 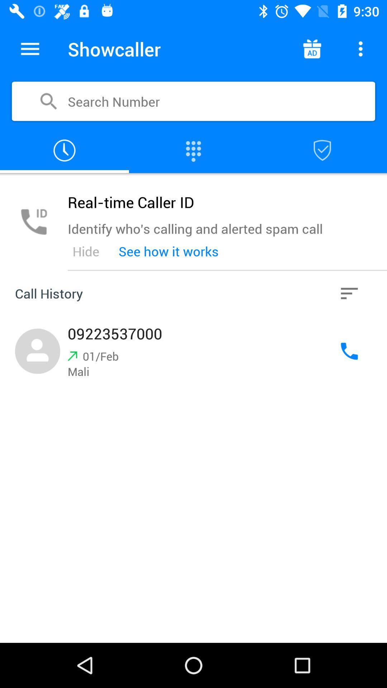 What do you see at coordinates (30, 48) in the screenshot?
I see `the menu icon` at bounding box center [30, 48].